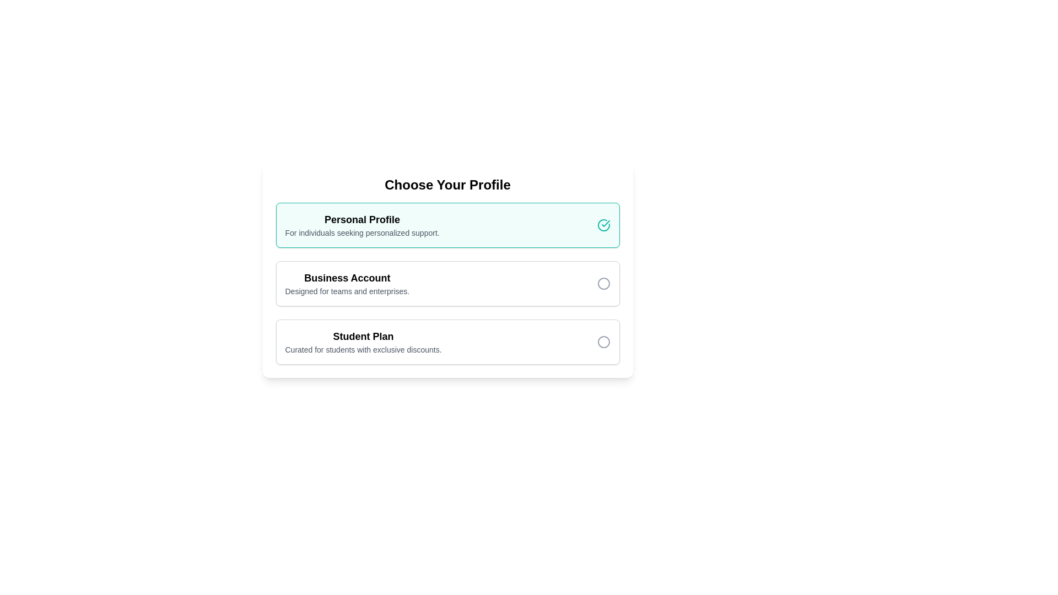  What do you see at coordinates (447, 283) in the screenshot?
I see `the selectable card titled 'Business Account'` at bounding box center [447, 283].